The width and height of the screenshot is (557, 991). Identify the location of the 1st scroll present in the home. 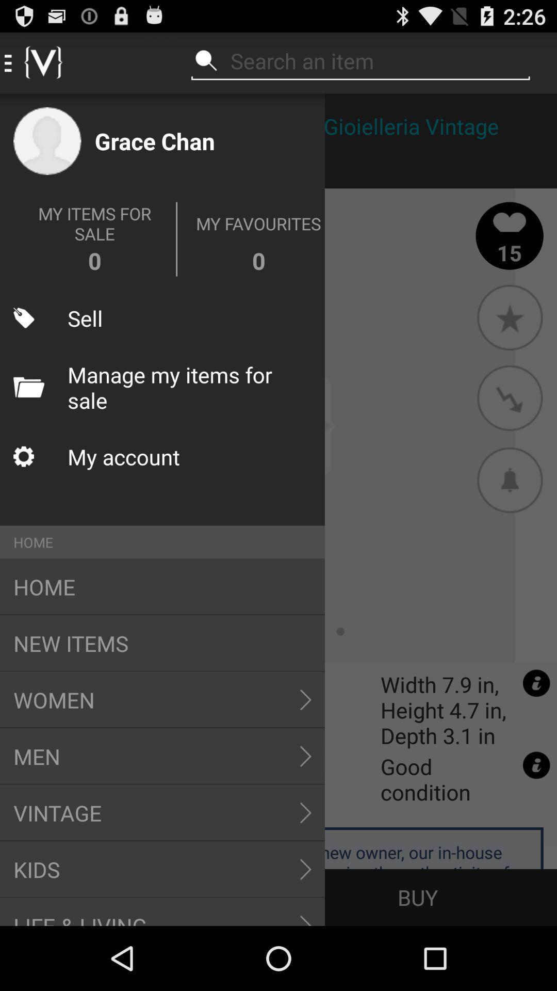
(305, 699).